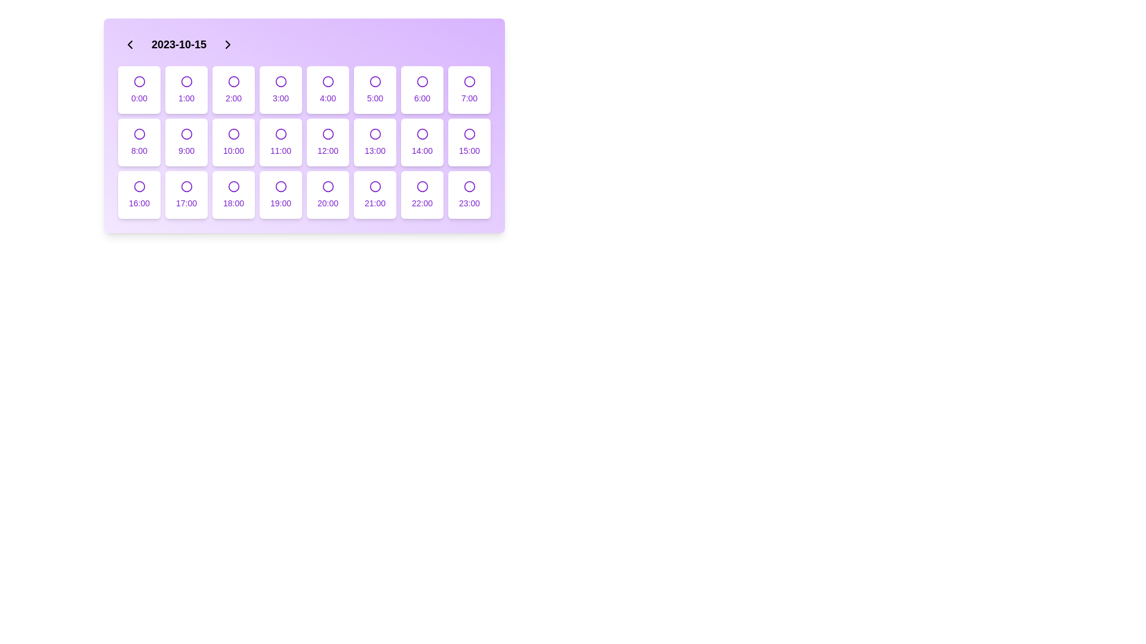 This screenshot has height=644, width=1146. Describe the element at coordinates (186, 134) in the screenshot. I see `the circular icon representing the selectable time slot for '9:00' located in the grid under the date '2023-10-15'` at that location.